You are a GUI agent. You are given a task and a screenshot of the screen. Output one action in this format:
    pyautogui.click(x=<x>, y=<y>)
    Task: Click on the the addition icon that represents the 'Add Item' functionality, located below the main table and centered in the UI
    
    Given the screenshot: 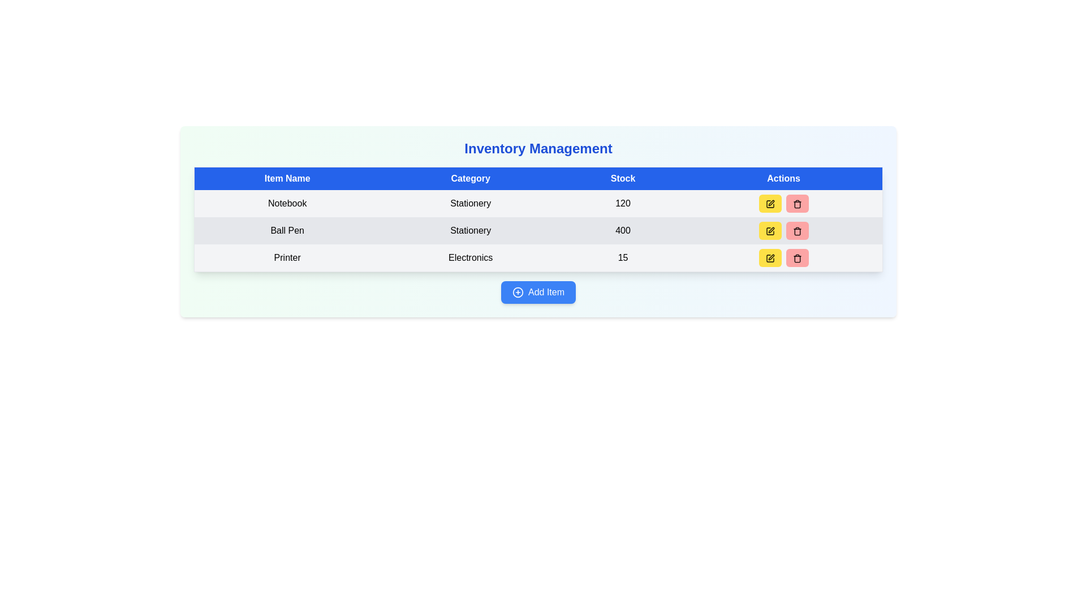 What is the action you would take?
    pyautogui.click(x=518, y=291)
    